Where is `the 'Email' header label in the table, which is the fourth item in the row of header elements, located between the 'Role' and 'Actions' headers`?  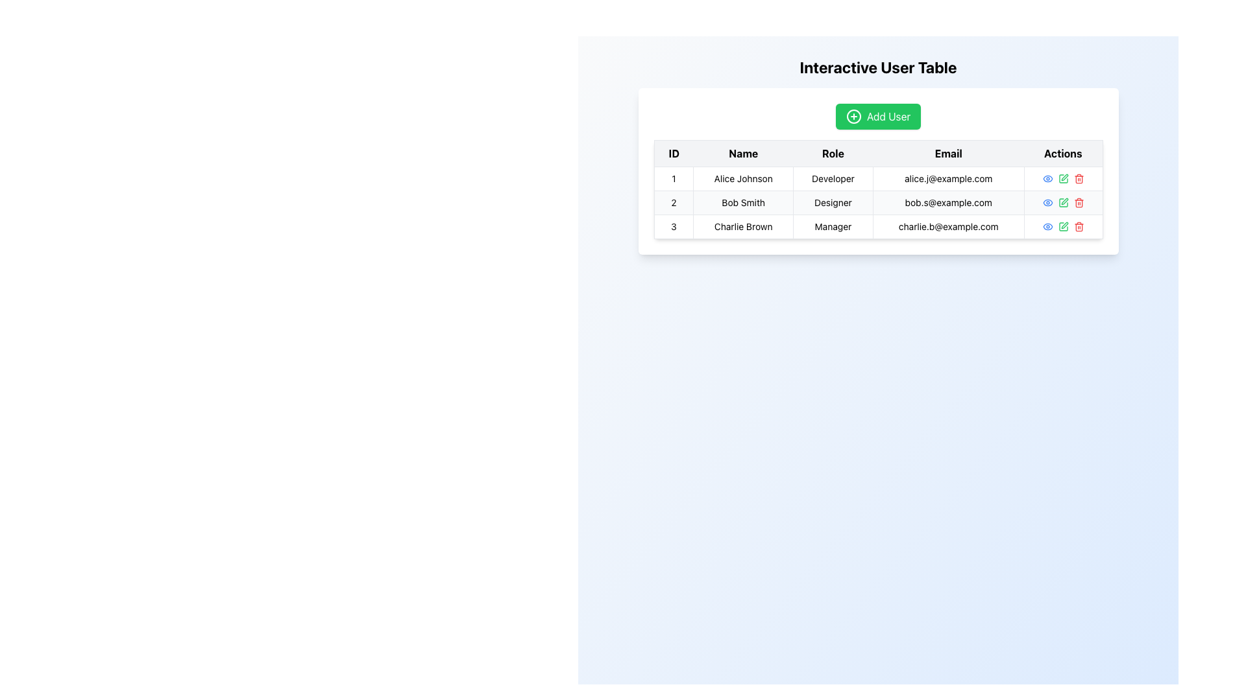
the 'Email' header label in the table, which is the fourth item in the row of header elements, located between the 'Role' and 'Actions' headers is located at coordinates (948, 152).